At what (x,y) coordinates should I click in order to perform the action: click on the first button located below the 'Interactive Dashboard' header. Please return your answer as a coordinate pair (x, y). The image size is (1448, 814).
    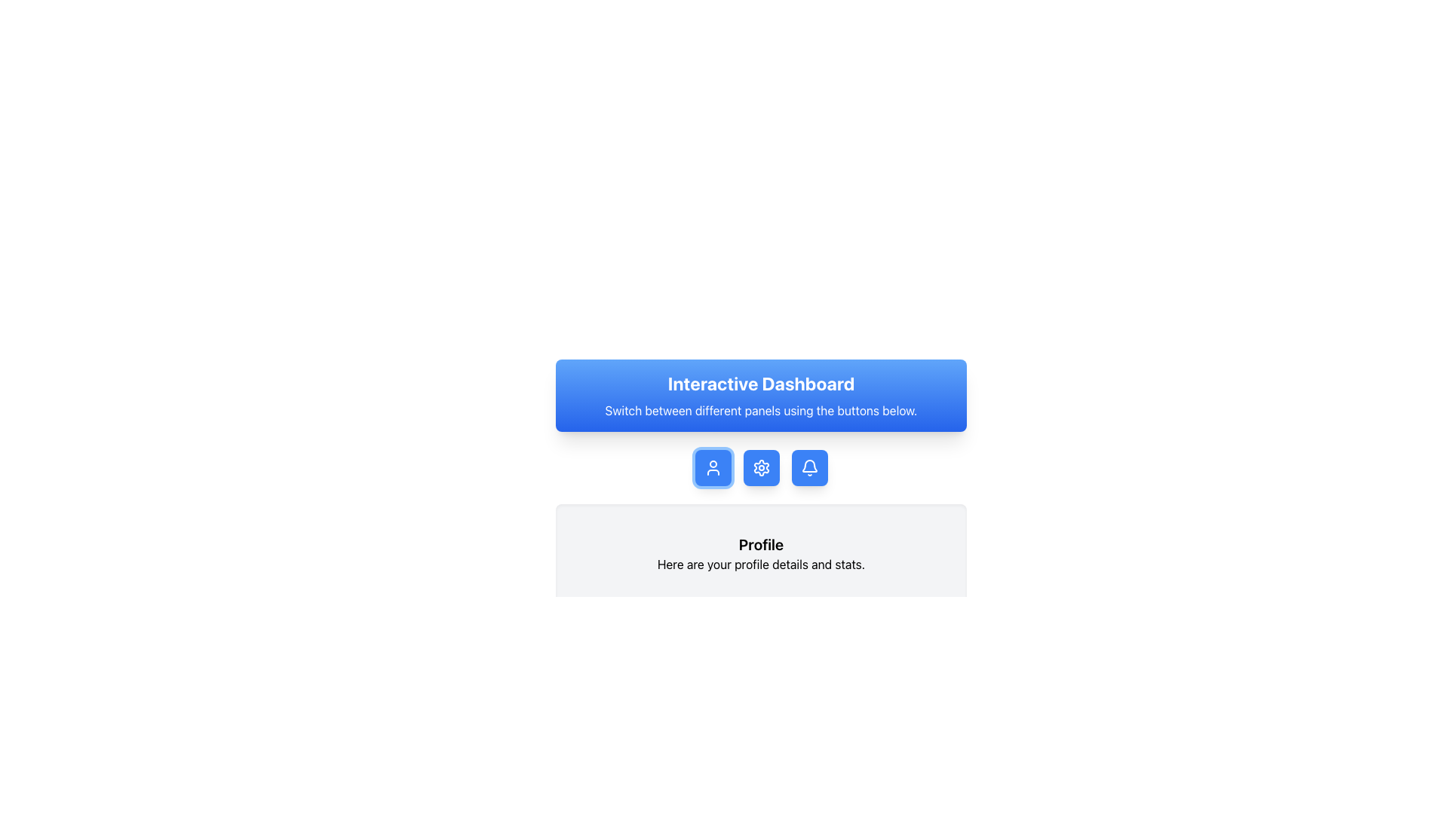
    Looking at the image, I should click on (712, 467).